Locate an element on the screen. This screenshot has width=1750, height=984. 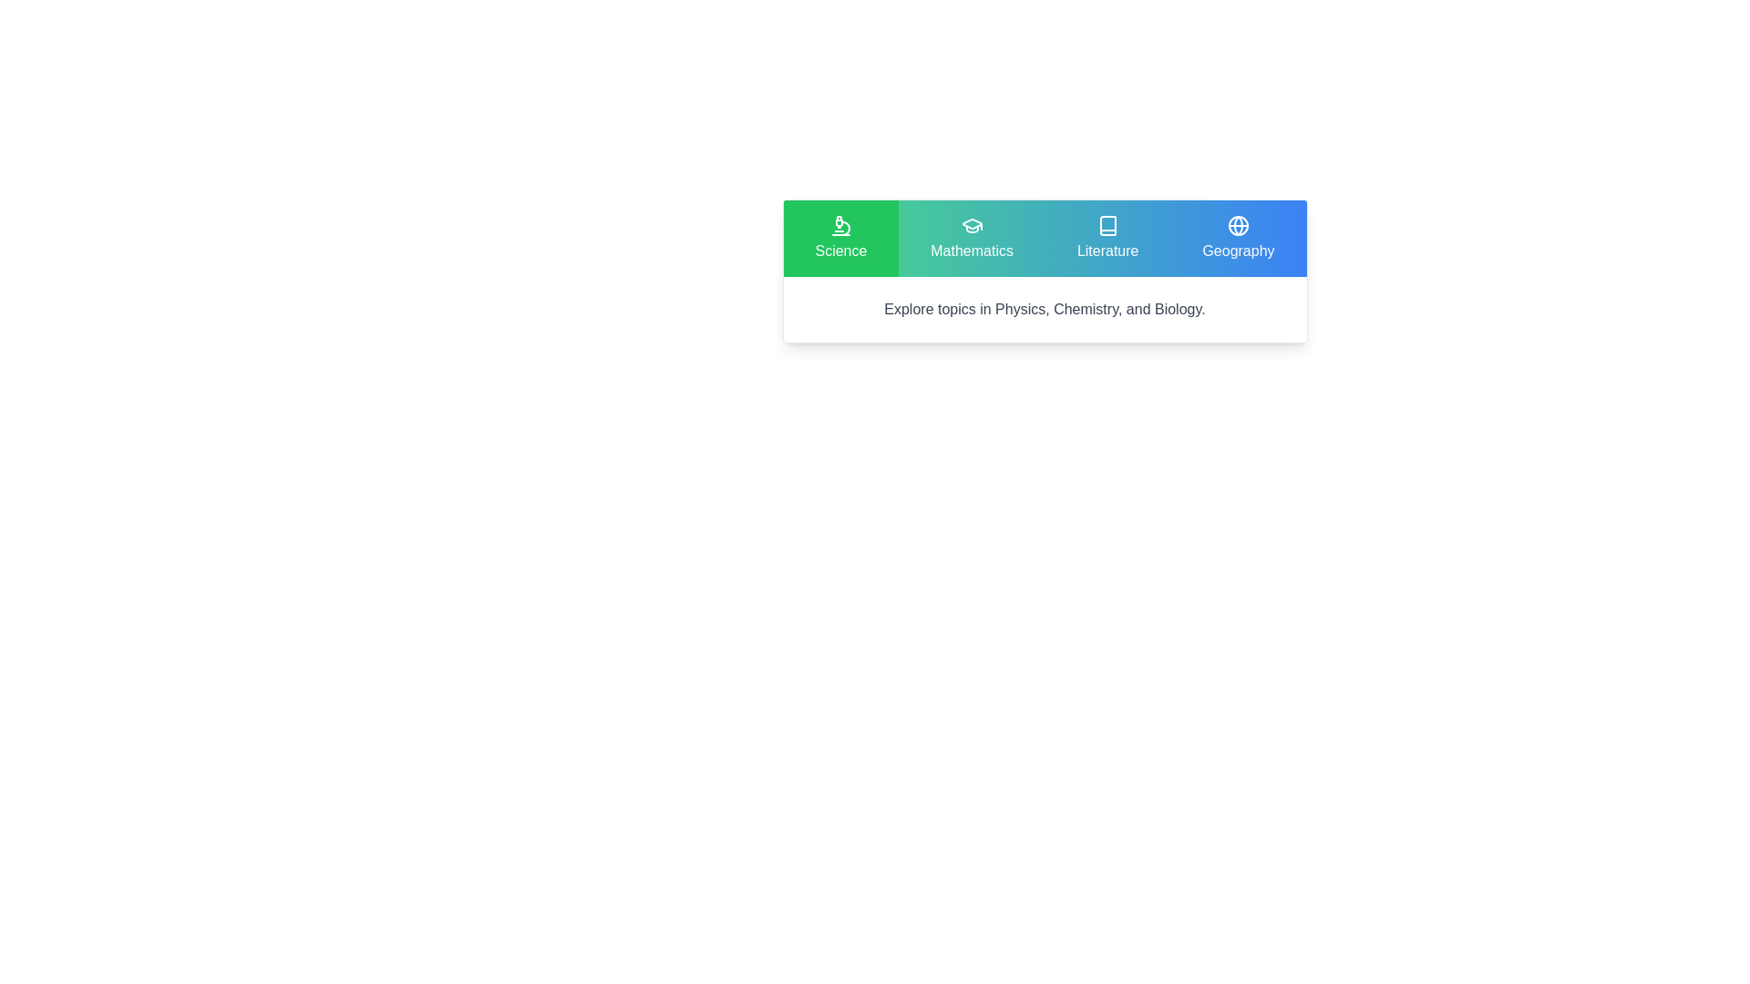
the graduation cap icon with a teal background located in the 'Mathematics' section of the navigation bar is located at coordinates (971, 224).